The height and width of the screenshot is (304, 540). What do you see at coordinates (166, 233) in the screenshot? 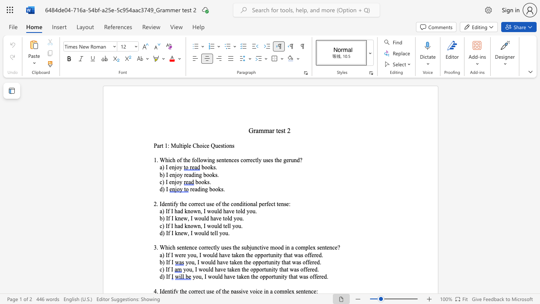
I see `the subset text "If I knew, I would" within the text "d) If I knew, I would tell you."` at bounding box center [166, 233].